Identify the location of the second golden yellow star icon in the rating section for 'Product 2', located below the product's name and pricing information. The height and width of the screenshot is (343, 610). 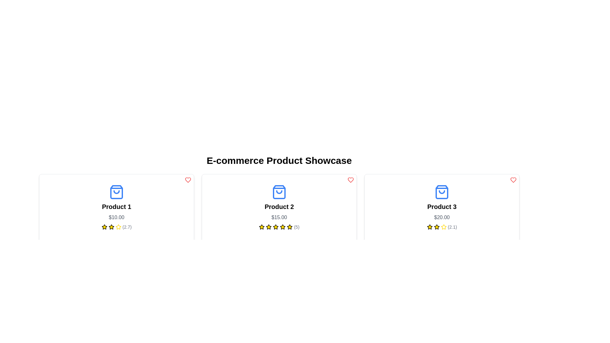
(262, 226).